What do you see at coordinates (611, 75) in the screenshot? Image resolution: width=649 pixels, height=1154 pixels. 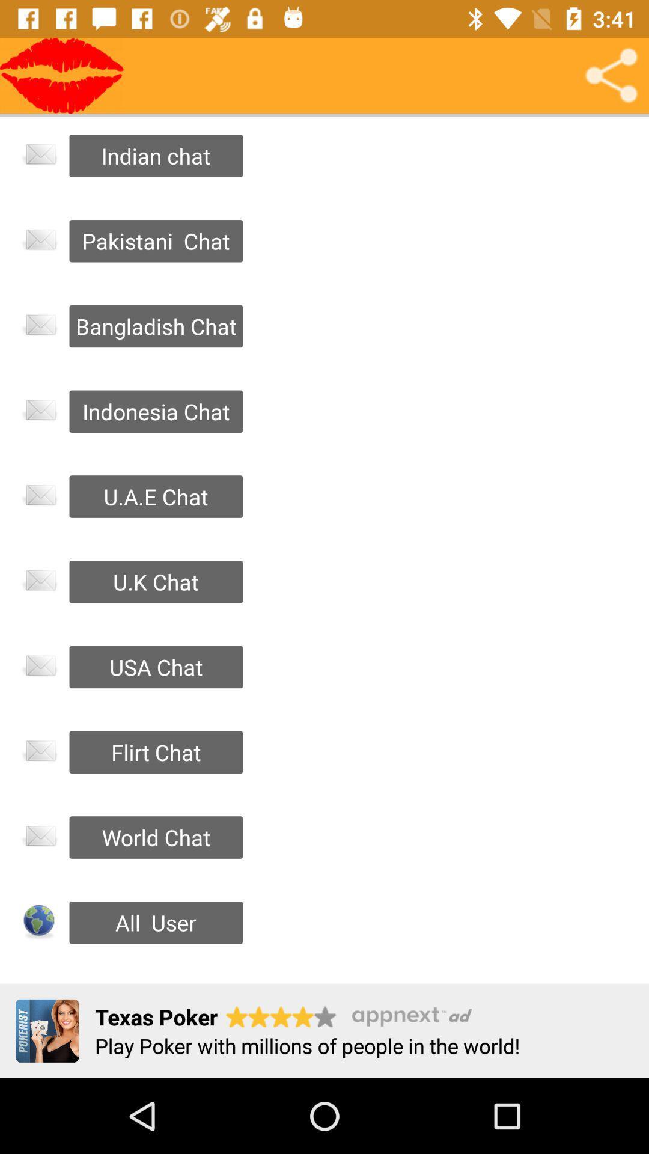 I see `share chat` at bounding box center [611, 75].